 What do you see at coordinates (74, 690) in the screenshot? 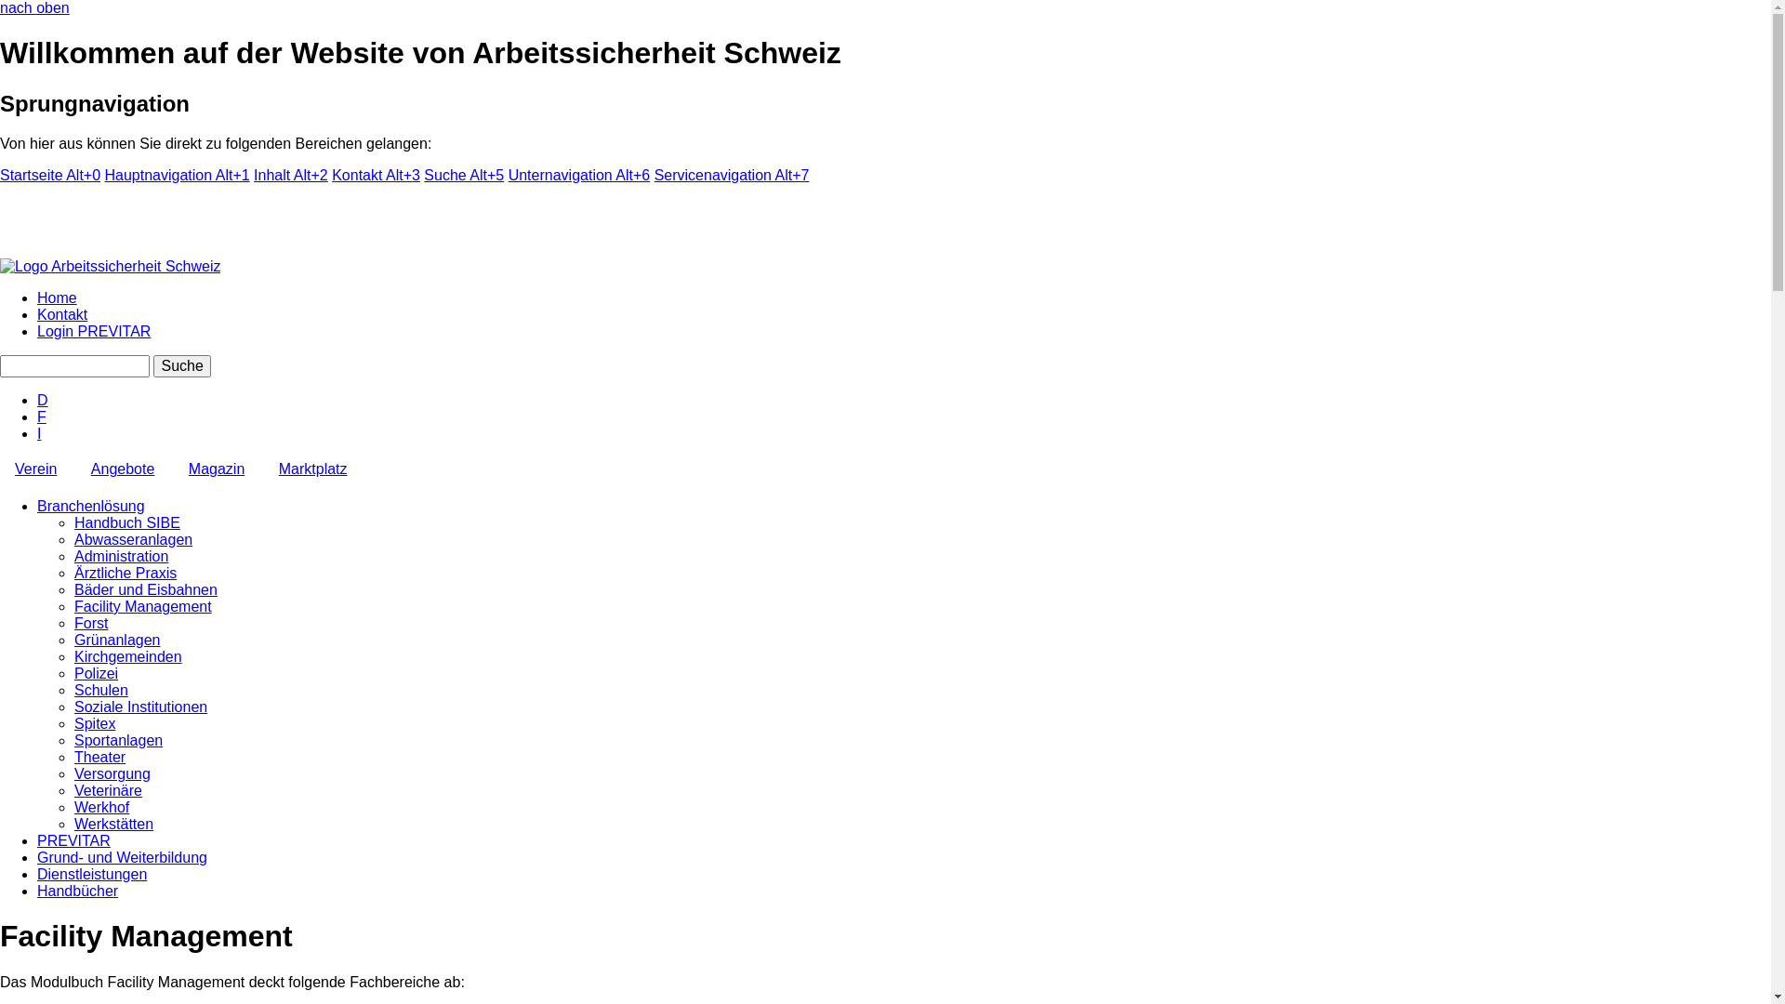
I see `'Schulen'` at bounding box center [74, 690].